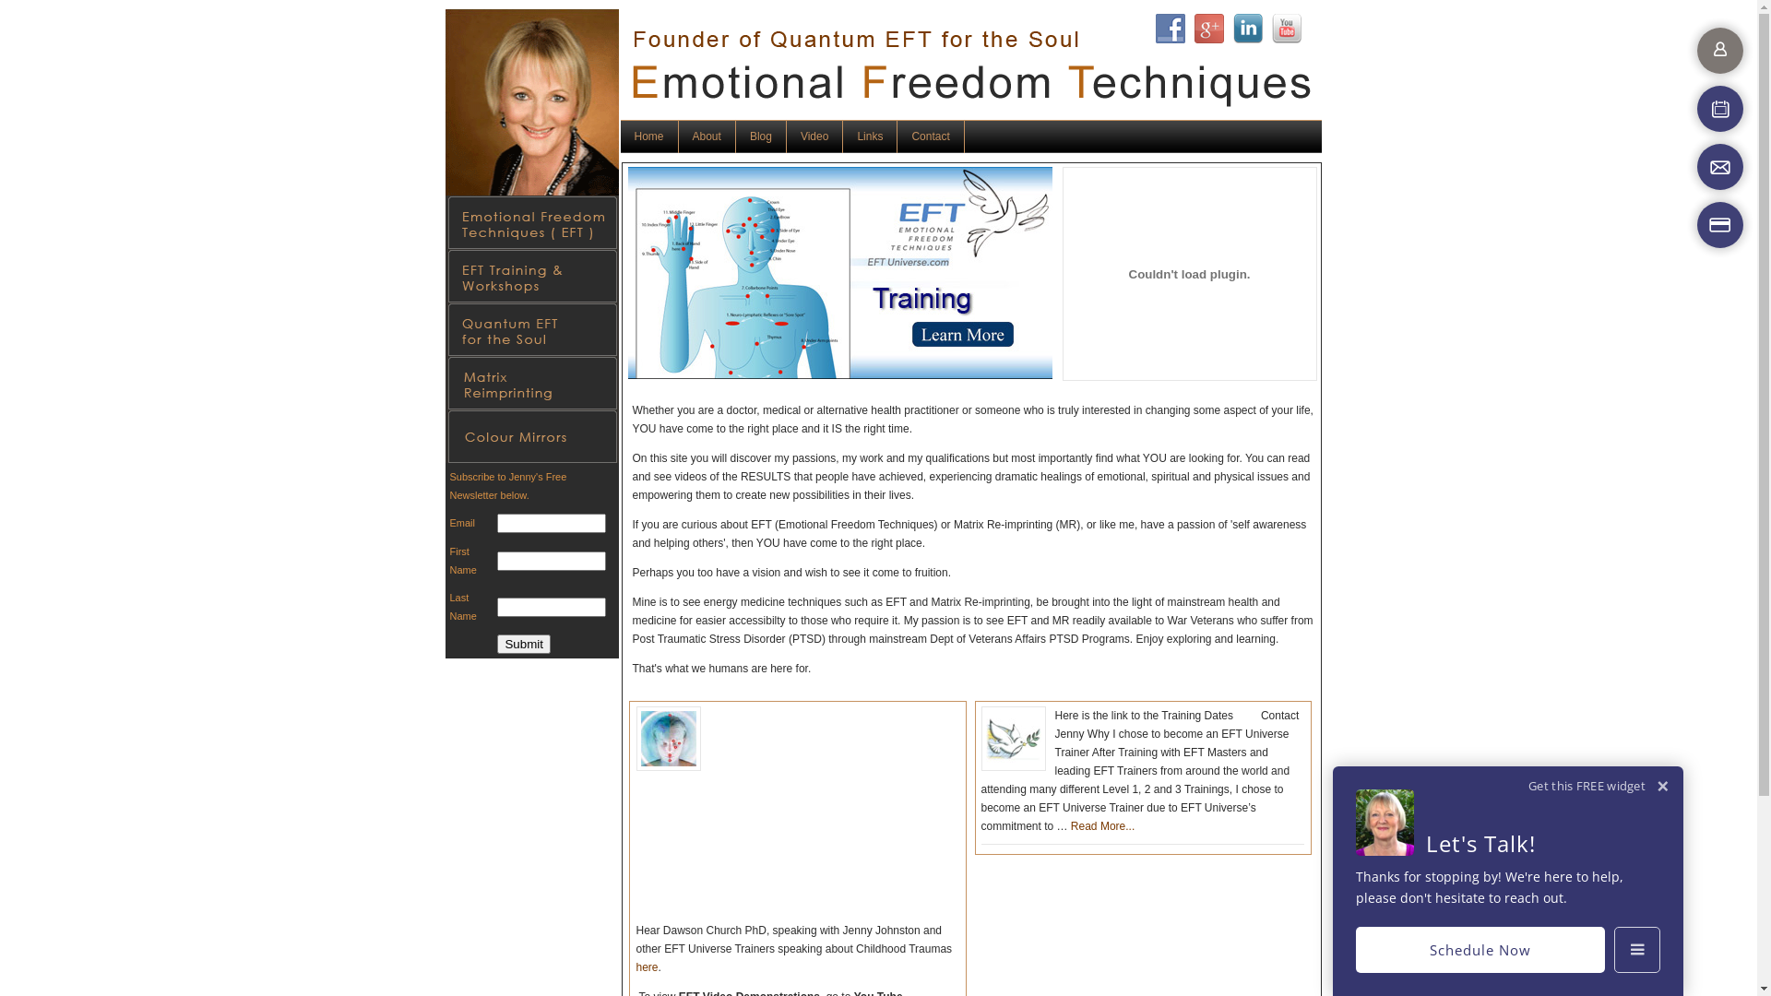 The width and height of the screenshot is (1771, 996). Describe the element at coordinates (1168, 28) in the screenshot. I see `' Facebook'` at that location.